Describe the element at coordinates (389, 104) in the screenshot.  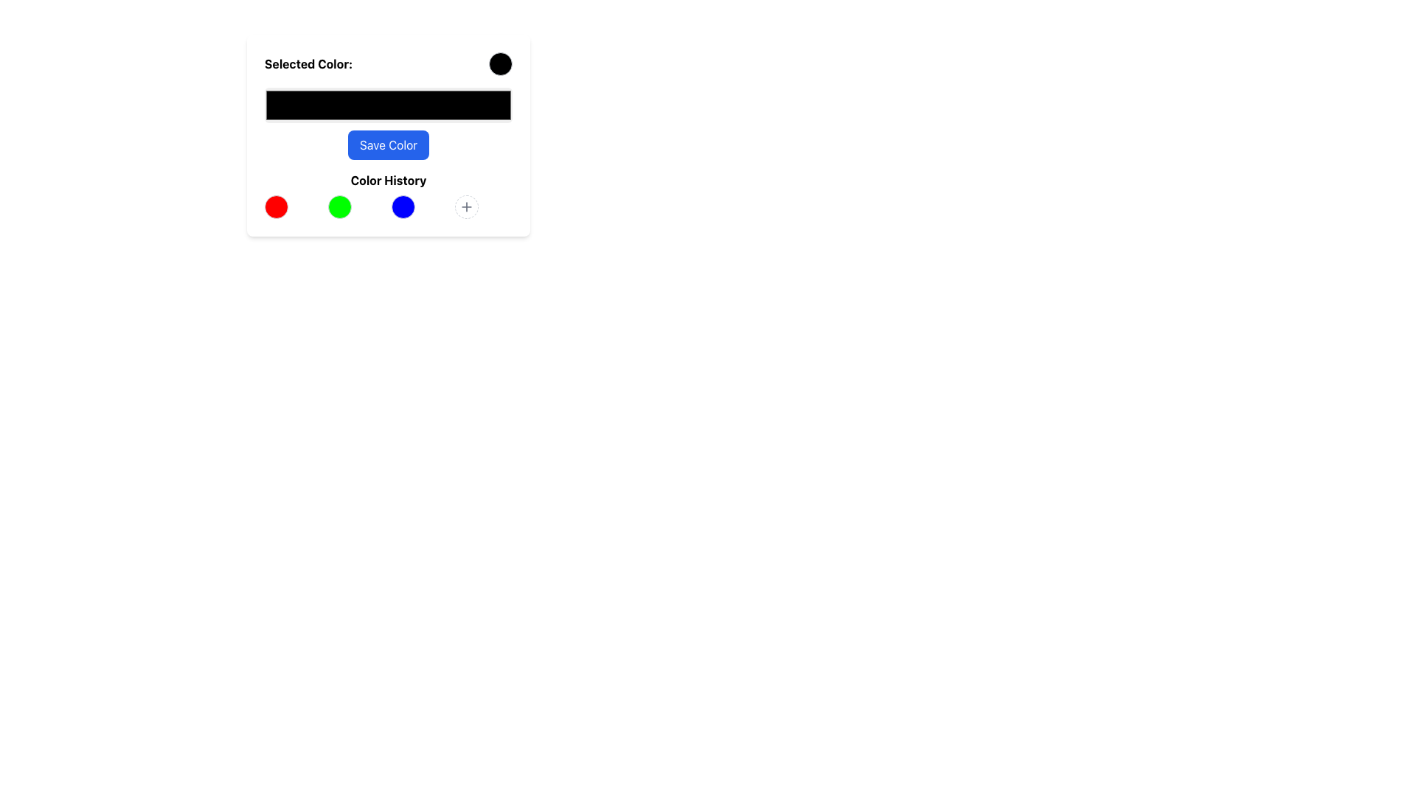
I see `the black rectangular color picker or color preview box` at that location.